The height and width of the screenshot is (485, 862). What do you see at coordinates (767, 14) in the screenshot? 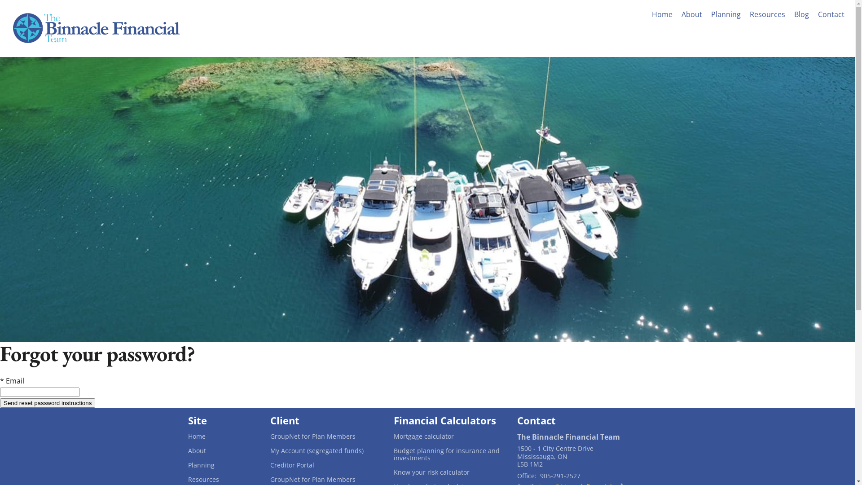
I see `'Resources'` at bounding box center [767, 14].